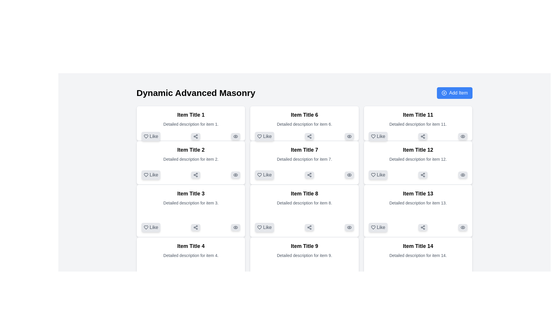 This screenshot has width=560, height=315. What do you see at coordinates (418, 255) in the screenshot?
I see `text label that displays 'Detailed description for item 14.' located below the heading 'Item Title 14' in the bottom-right corner of the grid` at bounding box center [418, 255].